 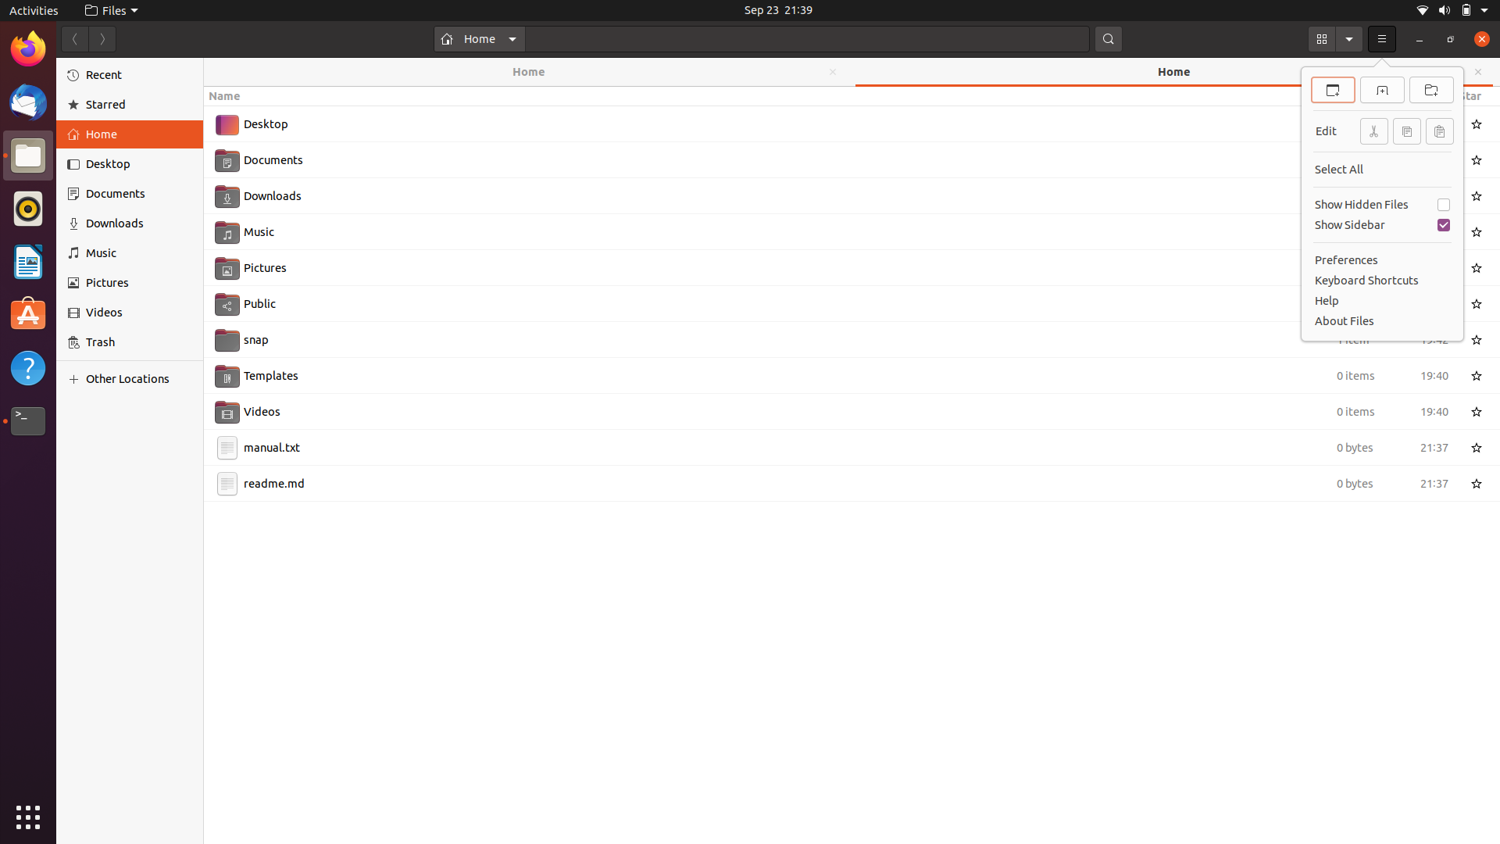 What do you see at coordinates (1380, 226) in the screenshot?
I see `Execute the removal of the sidebar using keyboard and mouse` at bounding box center [1380, 226].